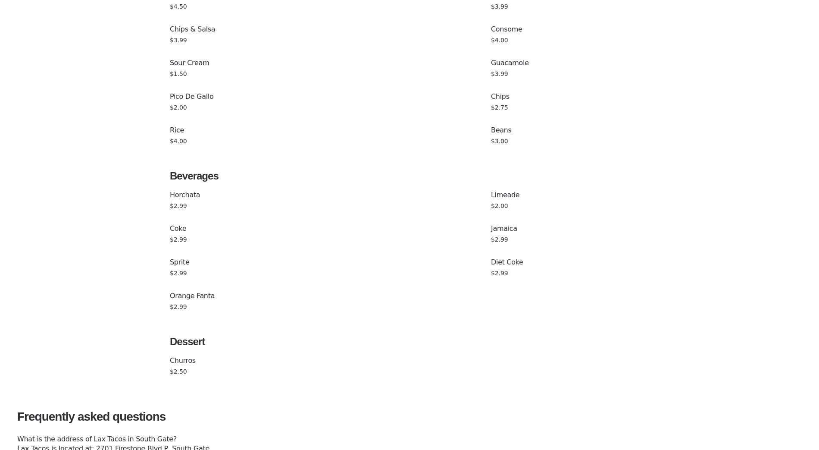 The height and width of the screenshot is (450, 819). What do you see at coordinates (97, 439) in the screenshot?
I see `'What is the address of Lax Tacos in South Gate?'` at bounding box center [97, 439].